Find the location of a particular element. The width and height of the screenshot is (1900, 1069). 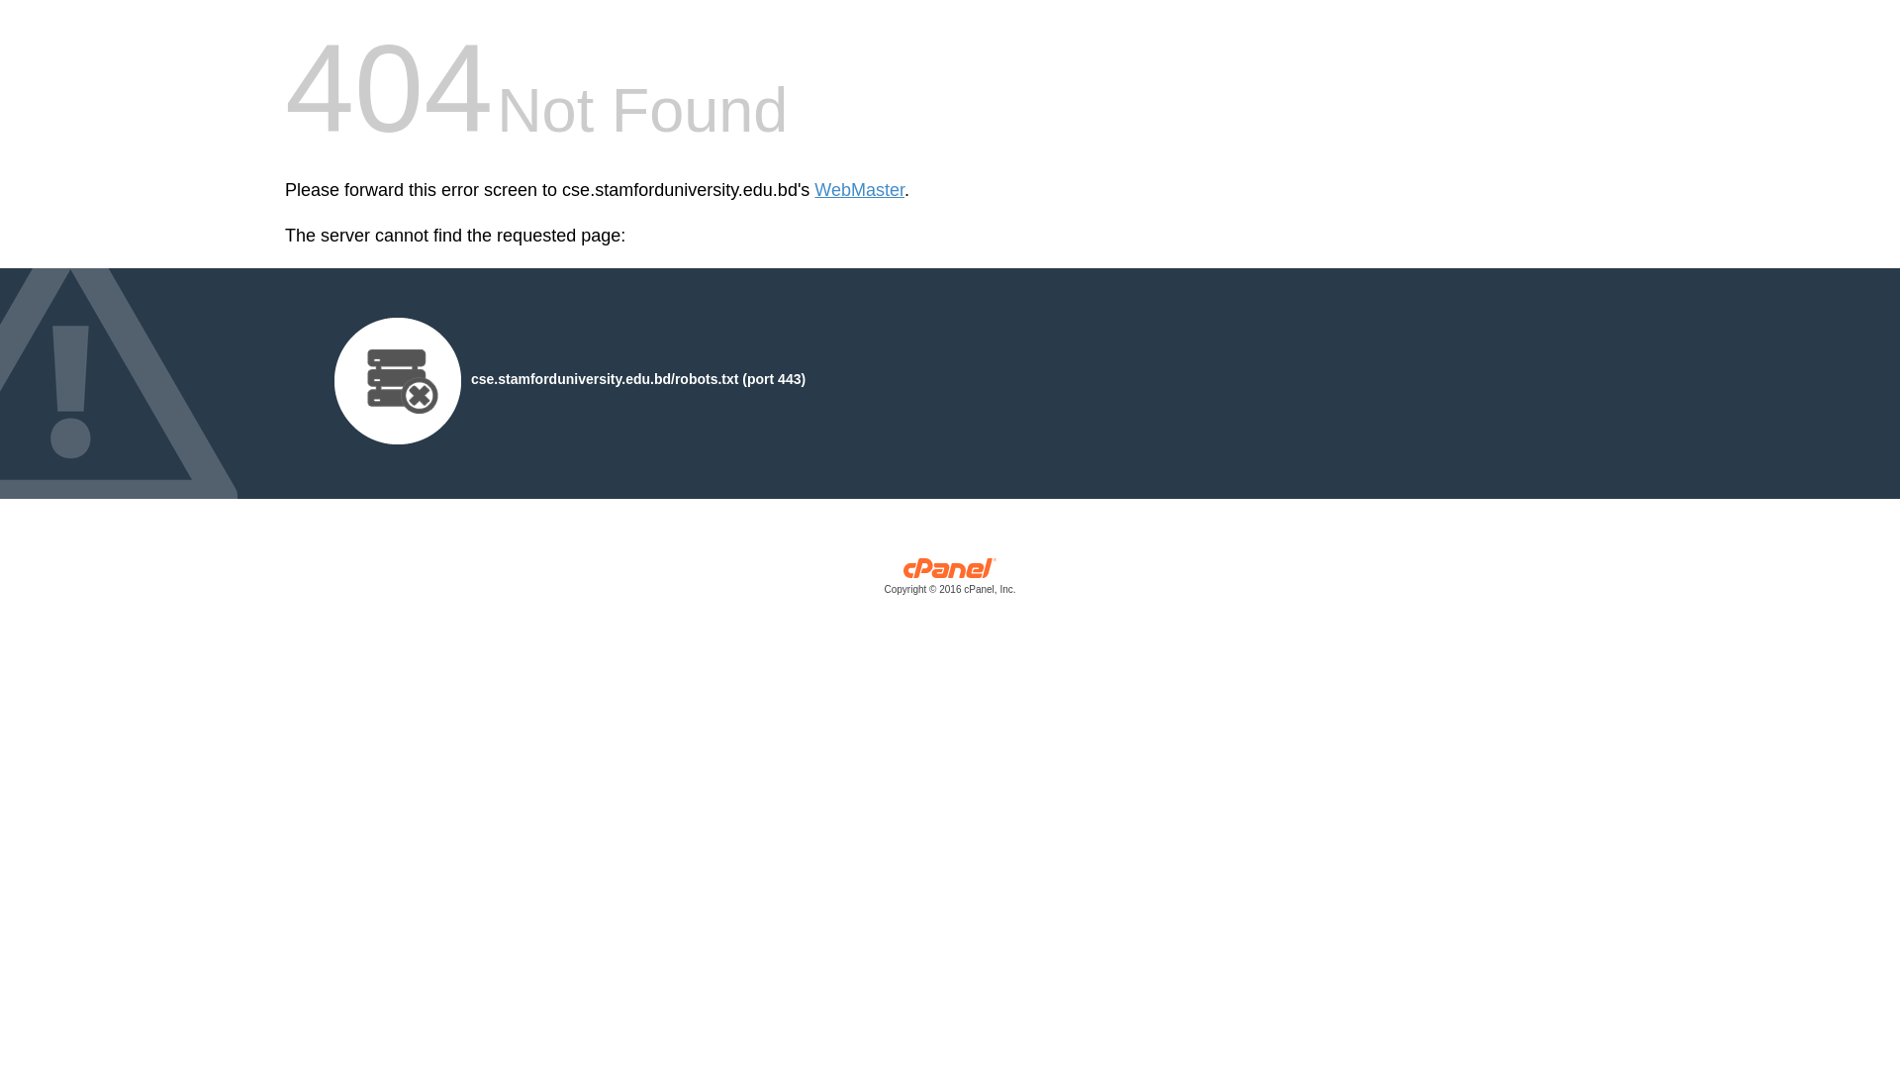

'WebMaster' is located at coordinates (859, 190).